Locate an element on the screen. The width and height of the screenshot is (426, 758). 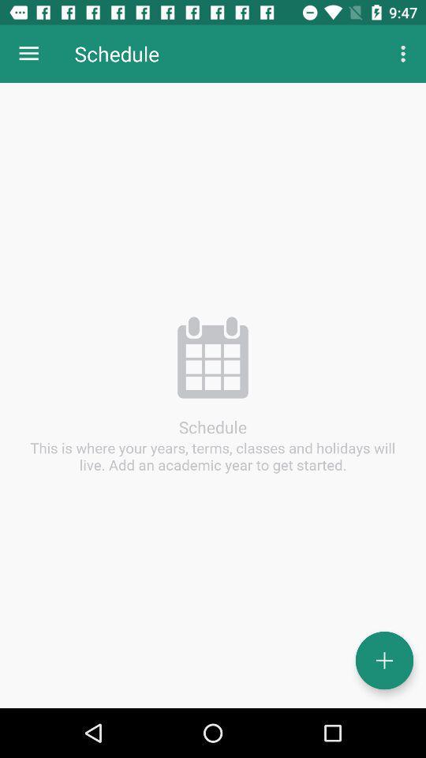
academic year is located at coordinates (383, 660).